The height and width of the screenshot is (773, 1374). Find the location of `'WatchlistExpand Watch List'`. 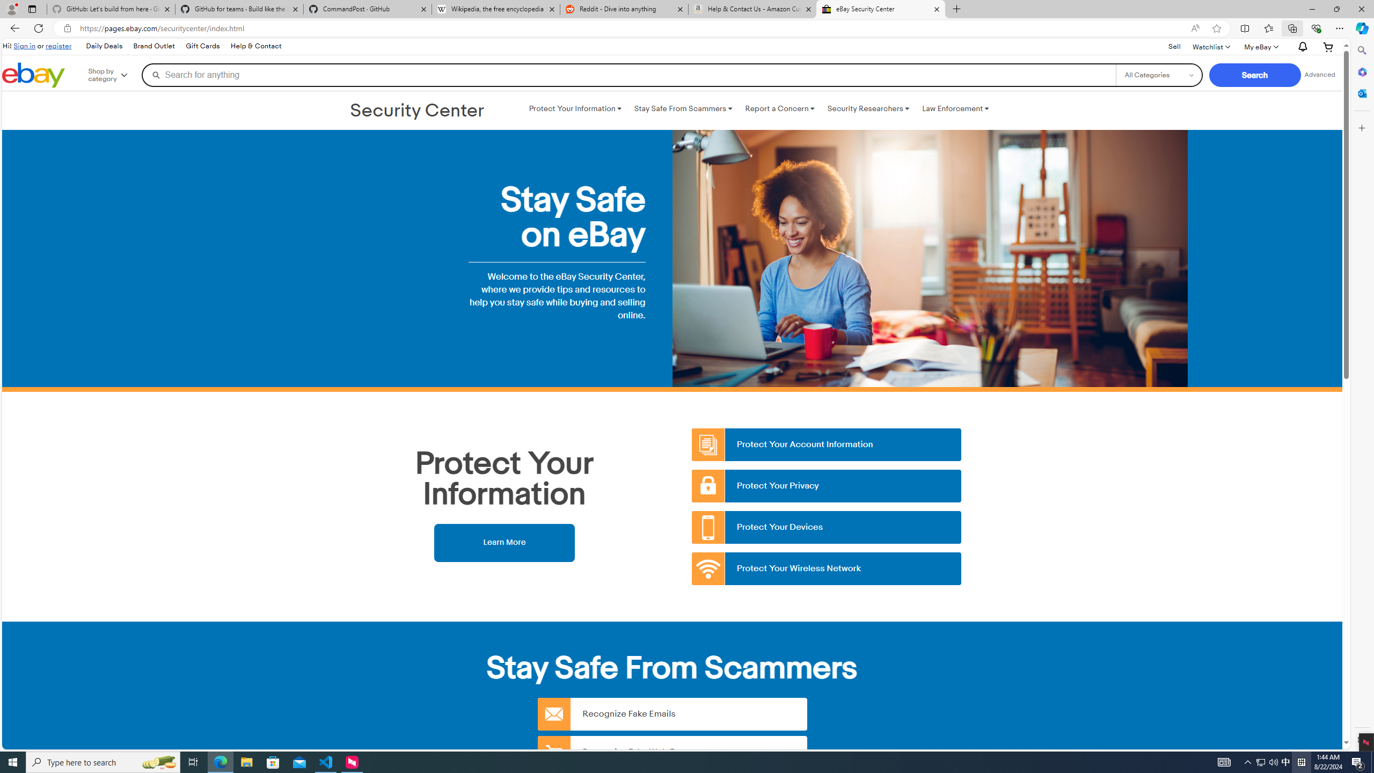

'WatchlistExpand Watch List' is located at coordinates (1210, 47).